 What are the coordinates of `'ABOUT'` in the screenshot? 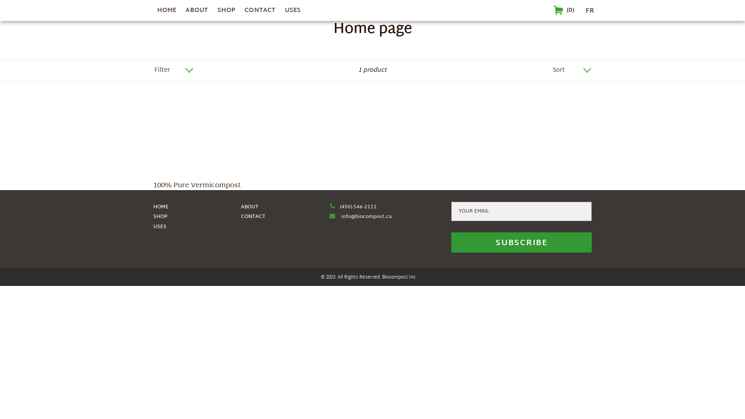 It's located at (197, 10).